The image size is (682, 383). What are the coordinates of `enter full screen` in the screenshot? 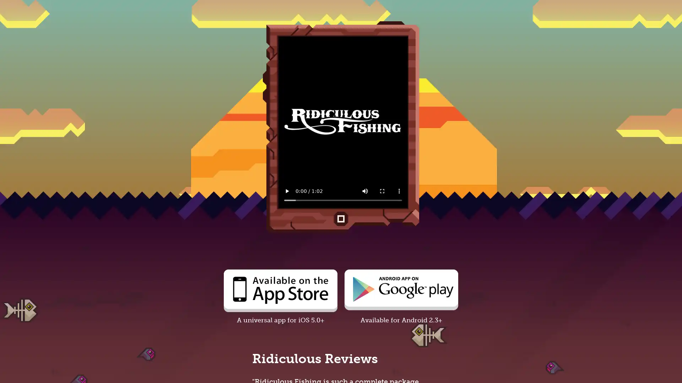 It's located at (381, 191).